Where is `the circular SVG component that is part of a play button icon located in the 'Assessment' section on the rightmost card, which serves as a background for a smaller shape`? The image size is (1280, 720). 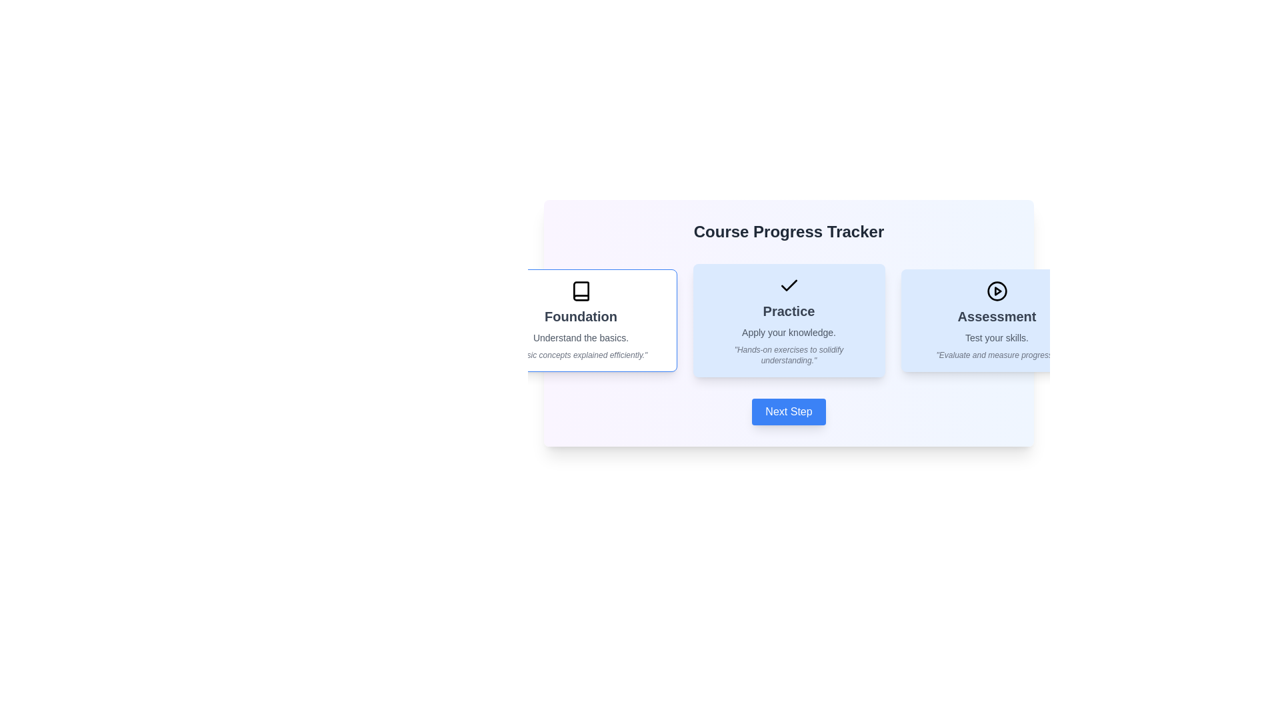 the circular SVG component that is part of a play button icon located in the 'Assessment' section on the rightmost card, which serves as a background for a smaller shape is located at coordinates (997, 290).